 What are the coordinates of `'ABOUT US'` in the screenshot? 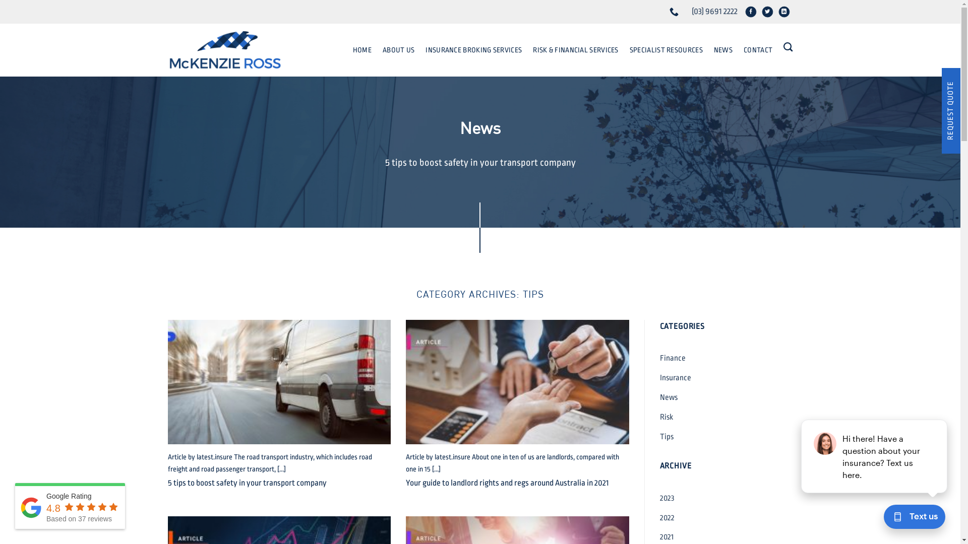 It's located at (398, 50).